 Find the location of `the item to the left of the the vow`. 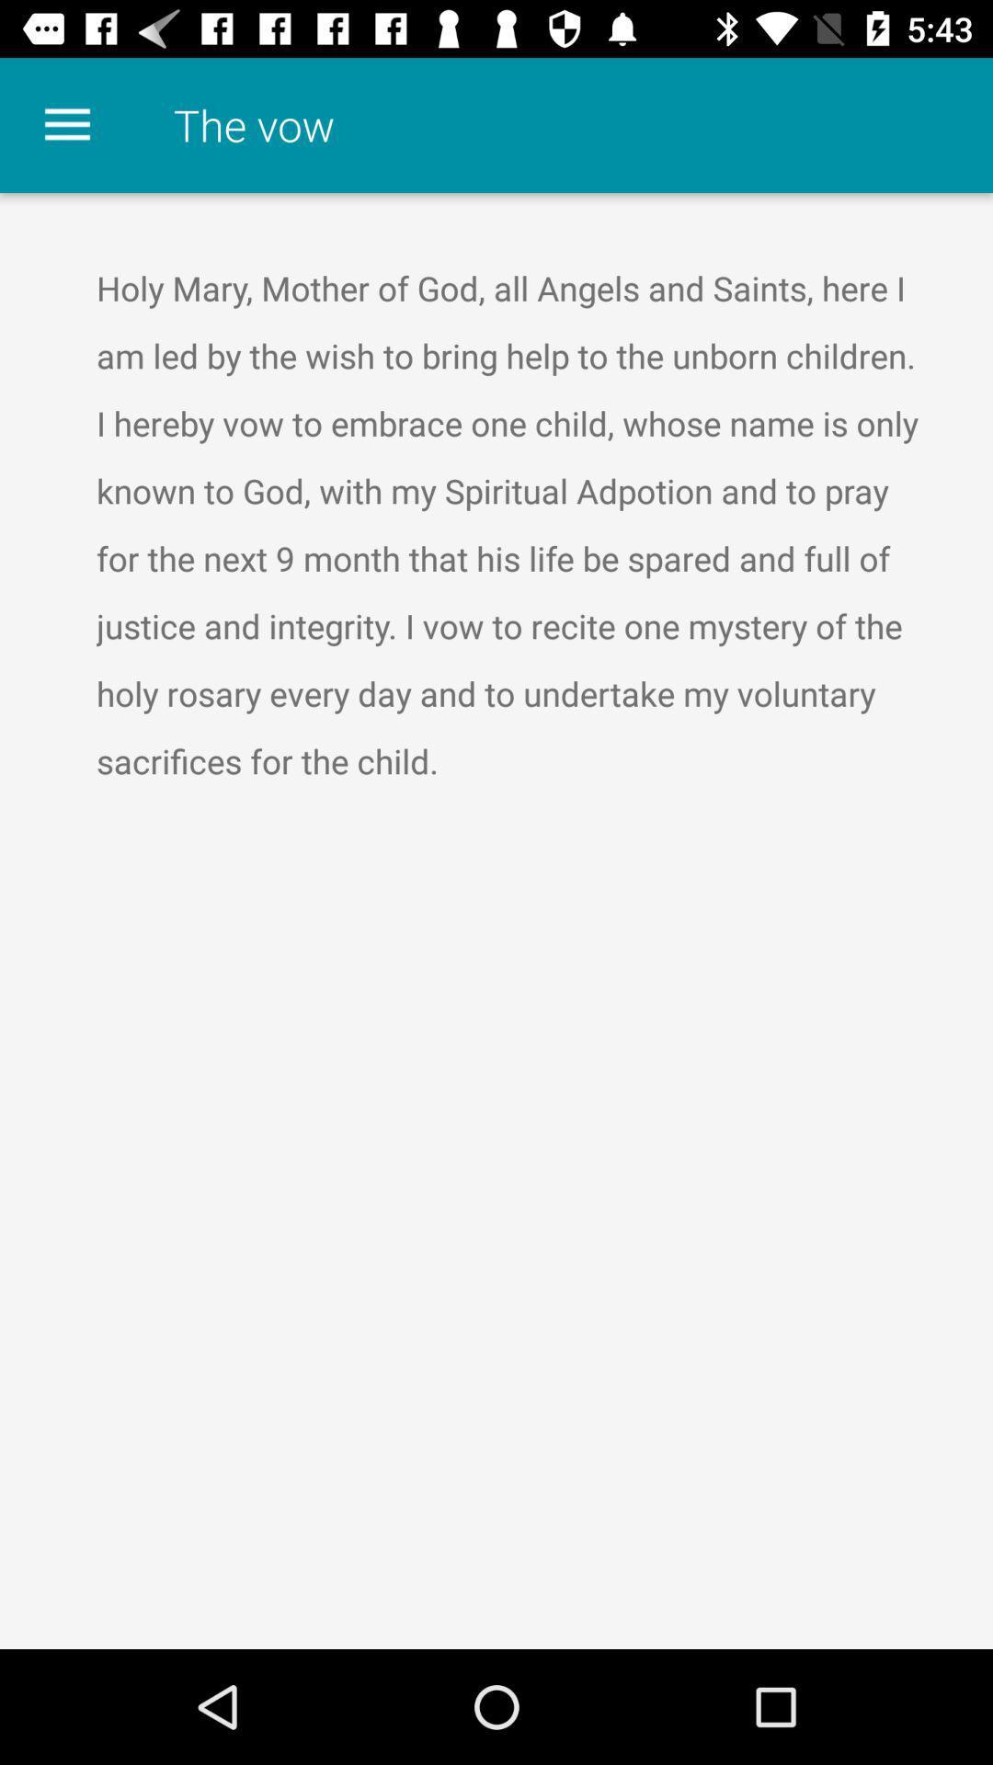

the item to the left of the the vow is located at coordinates (66, 124).